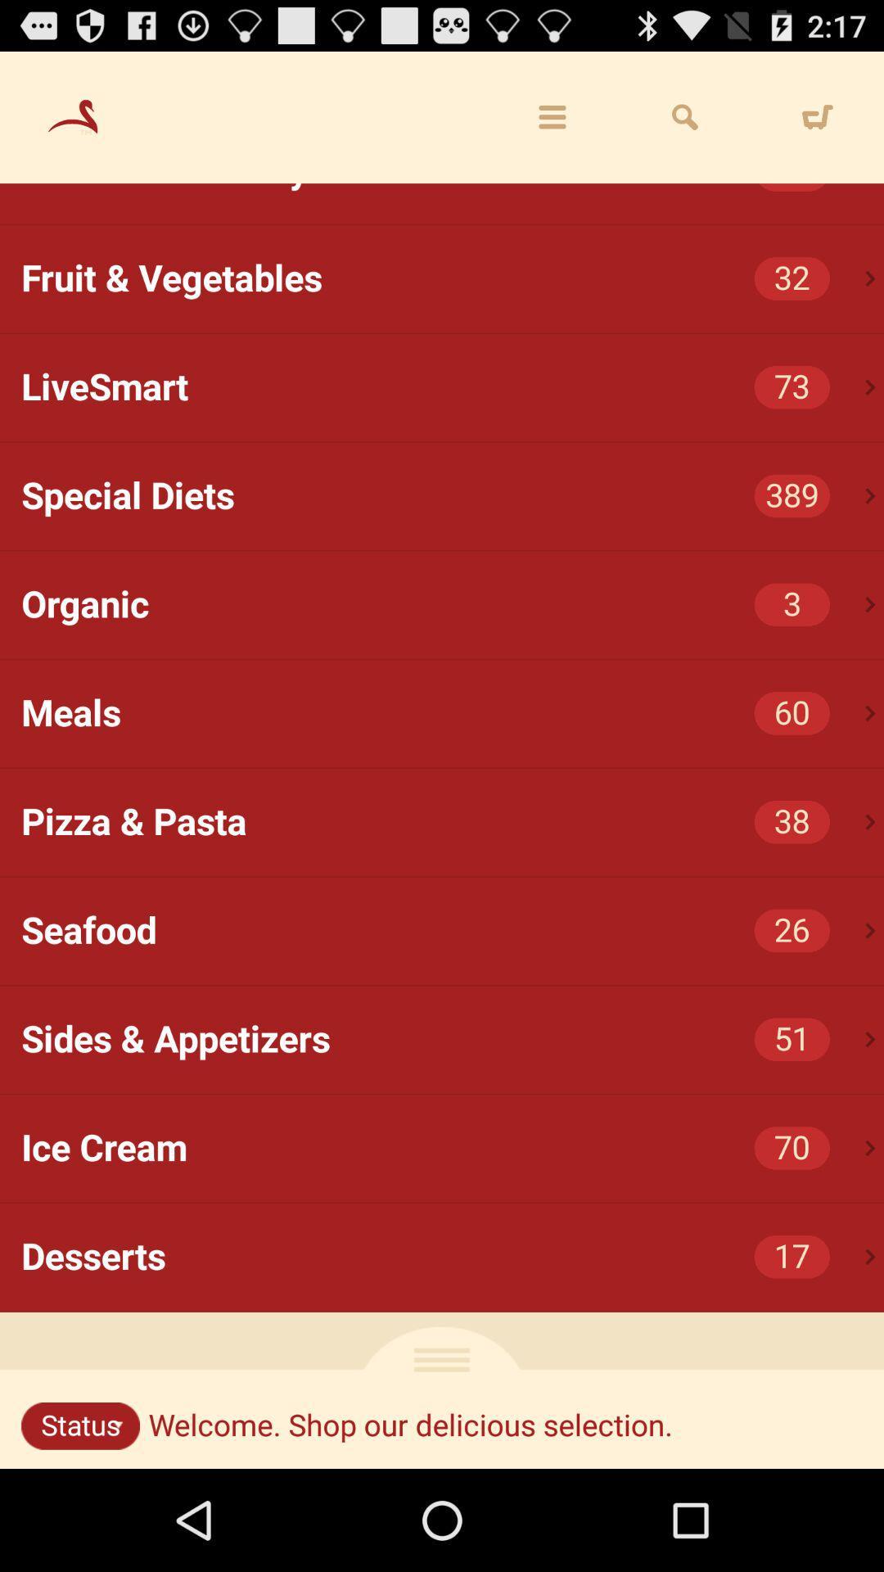 This screenshot has width=884, height=1572. What do you see at coordinates (453, 1256) in the screenshot?
I see `the desserts item` at bounding box center [453, 1256].